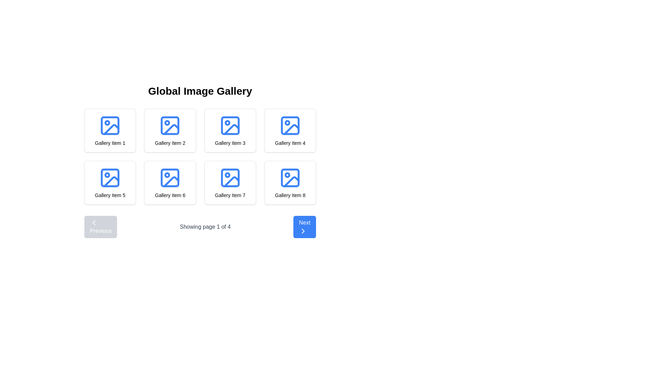  Describe the element at coordinates (170, 143) in the screenshot. I see `the text label displaying 'Gallery Item 2', which is located beneath an image icon in the second item of the upper row of the gallery items grid` at that location.